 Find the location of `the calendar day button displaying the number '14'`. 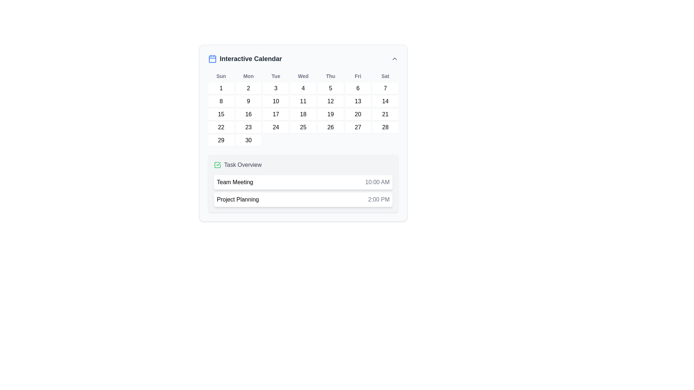

the calendar day button displaying the number '14' is located at coordinates (385, 101).